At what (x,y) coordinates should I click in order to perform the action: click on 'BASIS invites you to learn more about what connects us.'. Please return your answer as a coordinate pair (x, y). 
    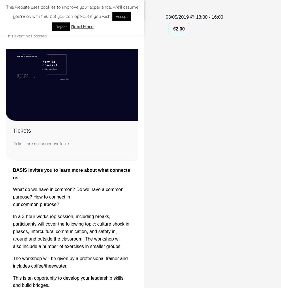
    Looking at the image, I should click on (71, 173).